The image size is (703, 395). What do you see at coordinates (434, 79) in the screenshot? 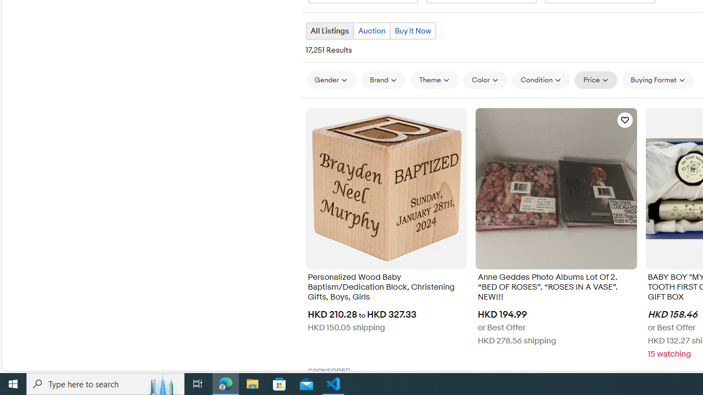
I see `'Theme'` at bounding box center [434, 79].